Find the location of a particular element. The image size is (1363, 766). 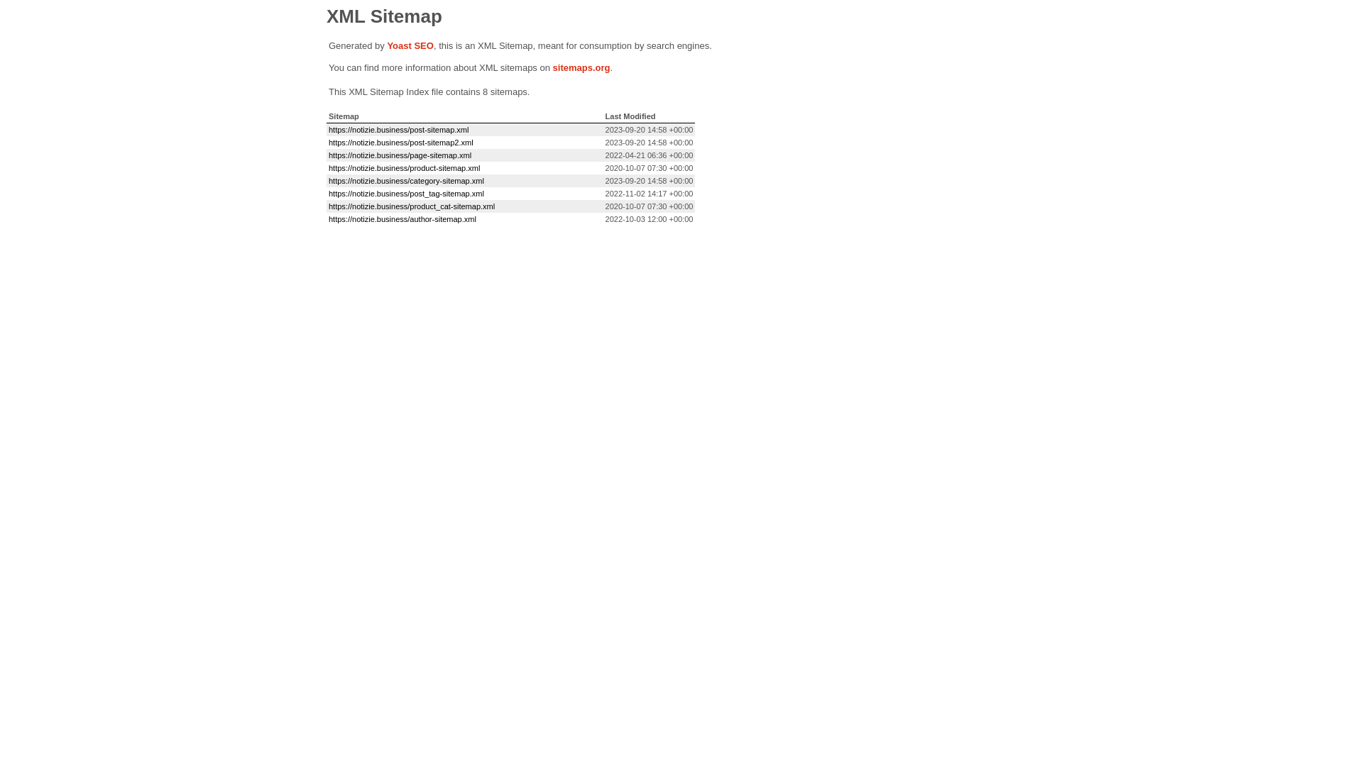

'https://notizie.business/product-sitemap.xml' is located at coordinates (403, 167).